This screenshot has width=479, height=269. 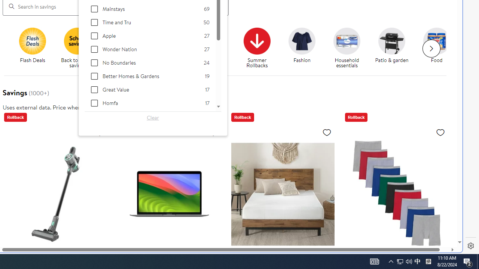 What do you see at coordinates (257, 41) in the screenshot?
I see `'Summer Rollbacks'` at bounding box center [257, 41].